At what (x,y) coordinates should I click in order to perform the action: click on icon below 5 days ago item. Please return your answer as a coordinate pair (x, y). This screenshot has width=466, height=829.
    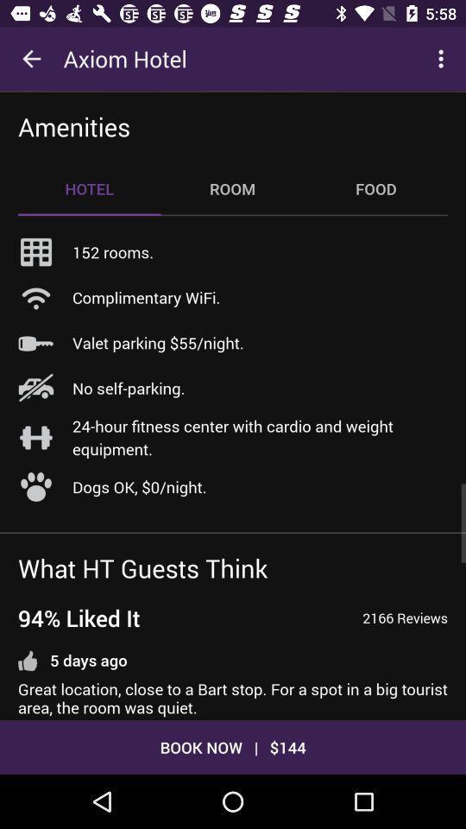
    Looking at the image, I should click on (233, 699).